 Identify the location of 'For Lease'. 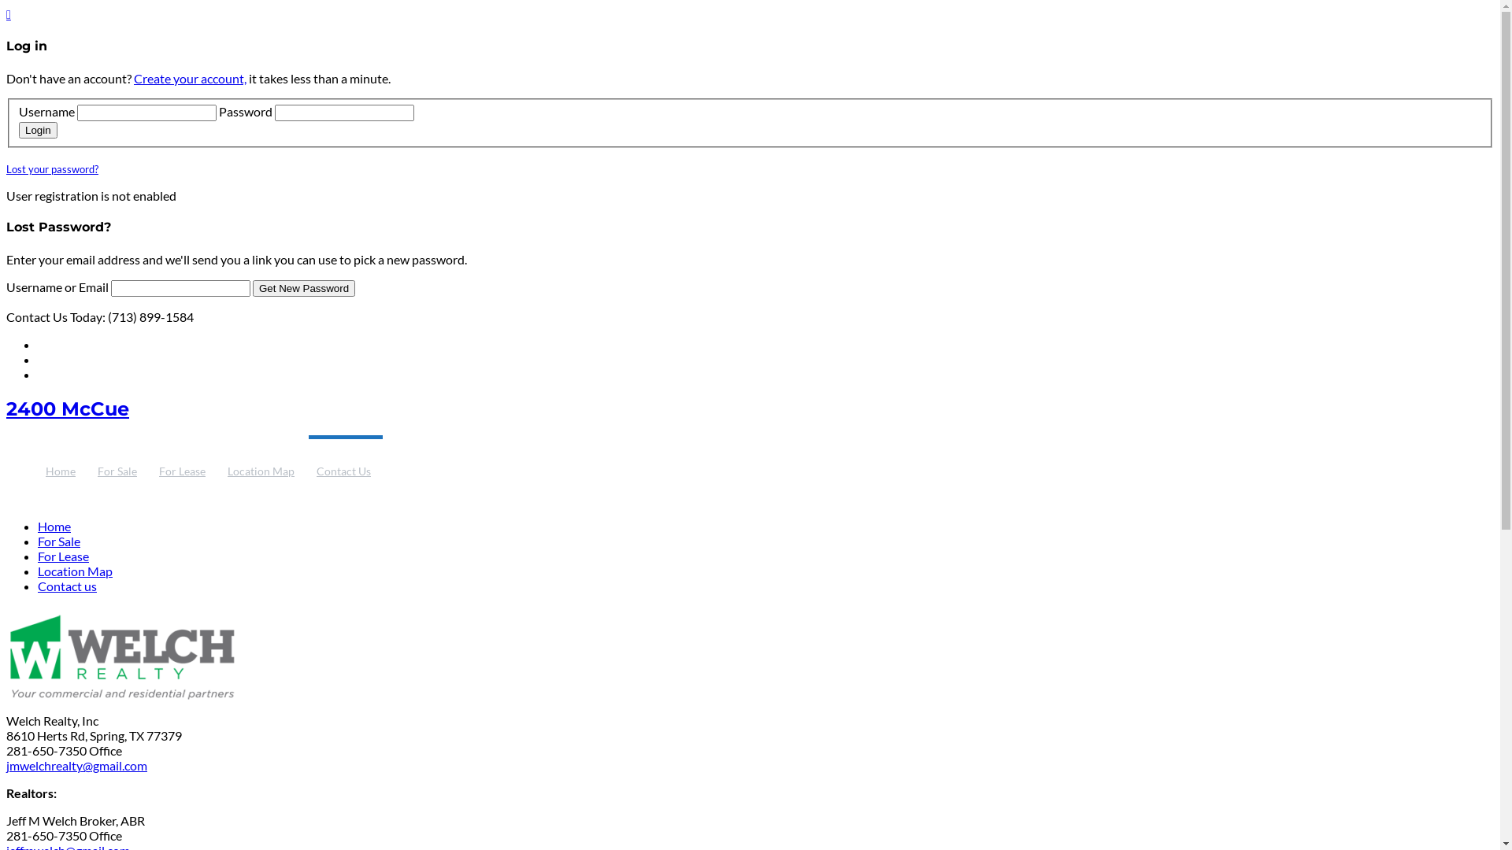
(184, 461).